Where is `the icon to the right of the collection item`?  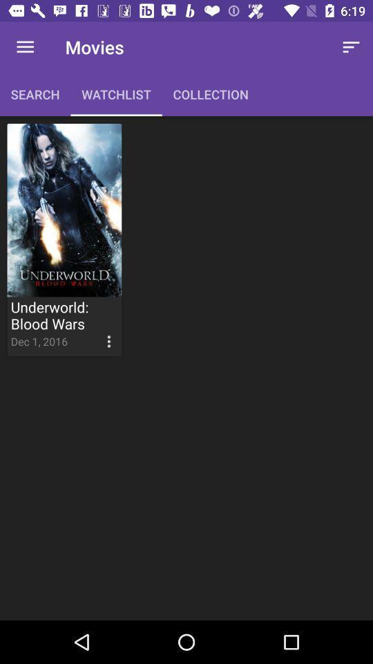
the icon to the right of the collection item is located at coordinates (351, 47).